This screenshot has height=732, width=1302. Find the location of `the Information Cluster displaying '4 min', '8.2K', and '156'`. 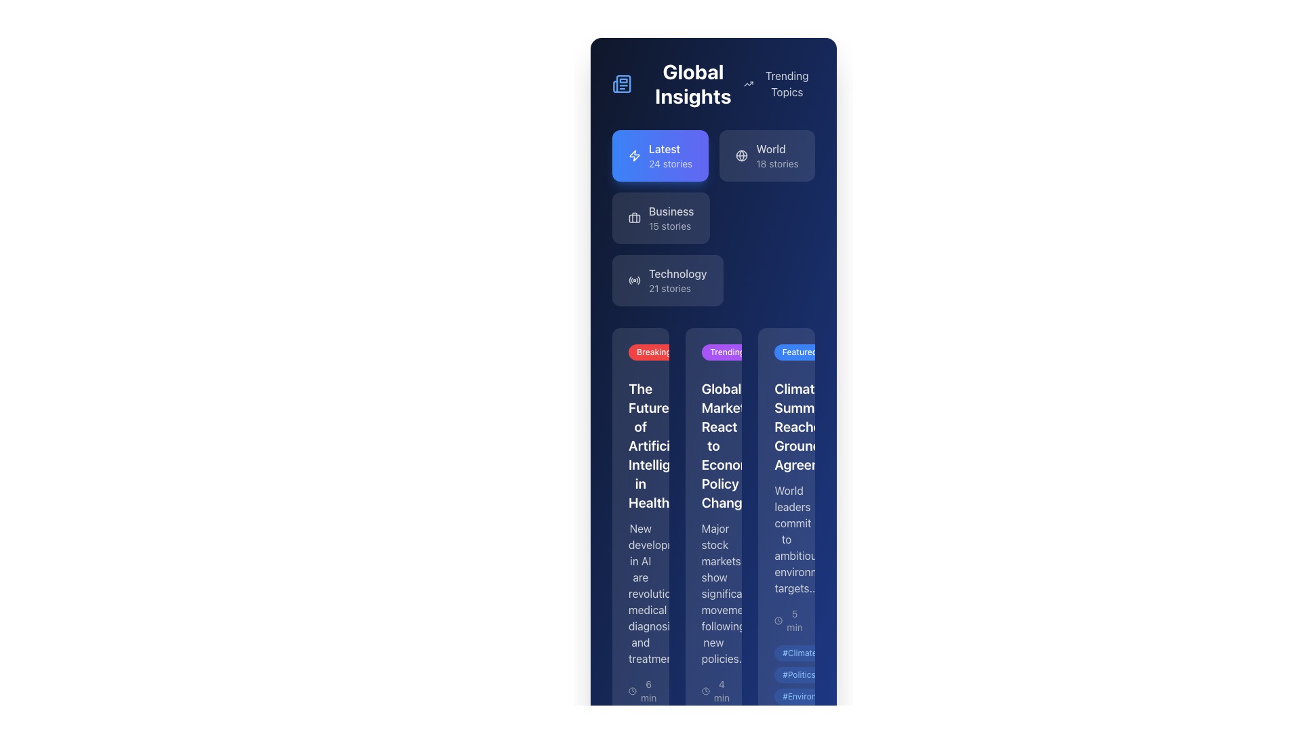

the Information Cluster displaying '4 min', '8.2K', and '156' is located at coordinates (757, 691).